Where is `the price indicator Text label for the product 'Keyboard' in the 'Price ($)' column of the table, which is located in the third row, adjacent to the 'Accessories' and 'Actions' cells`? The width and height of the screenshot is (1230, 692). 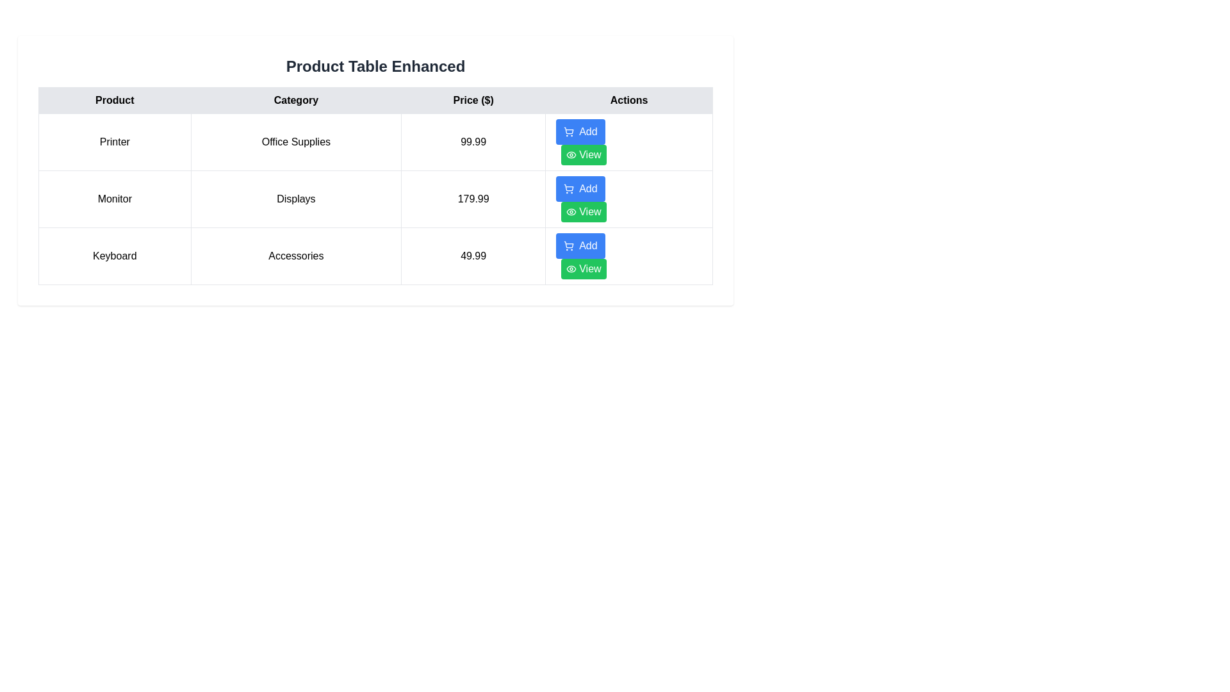
the price indicator Text label for the product 'Keyboard' in the 'Price ($)' column of the table, which is located in the third row, adjacent to the 'Accessories' and 'Actions' cells is located at coordinates (473, 256).